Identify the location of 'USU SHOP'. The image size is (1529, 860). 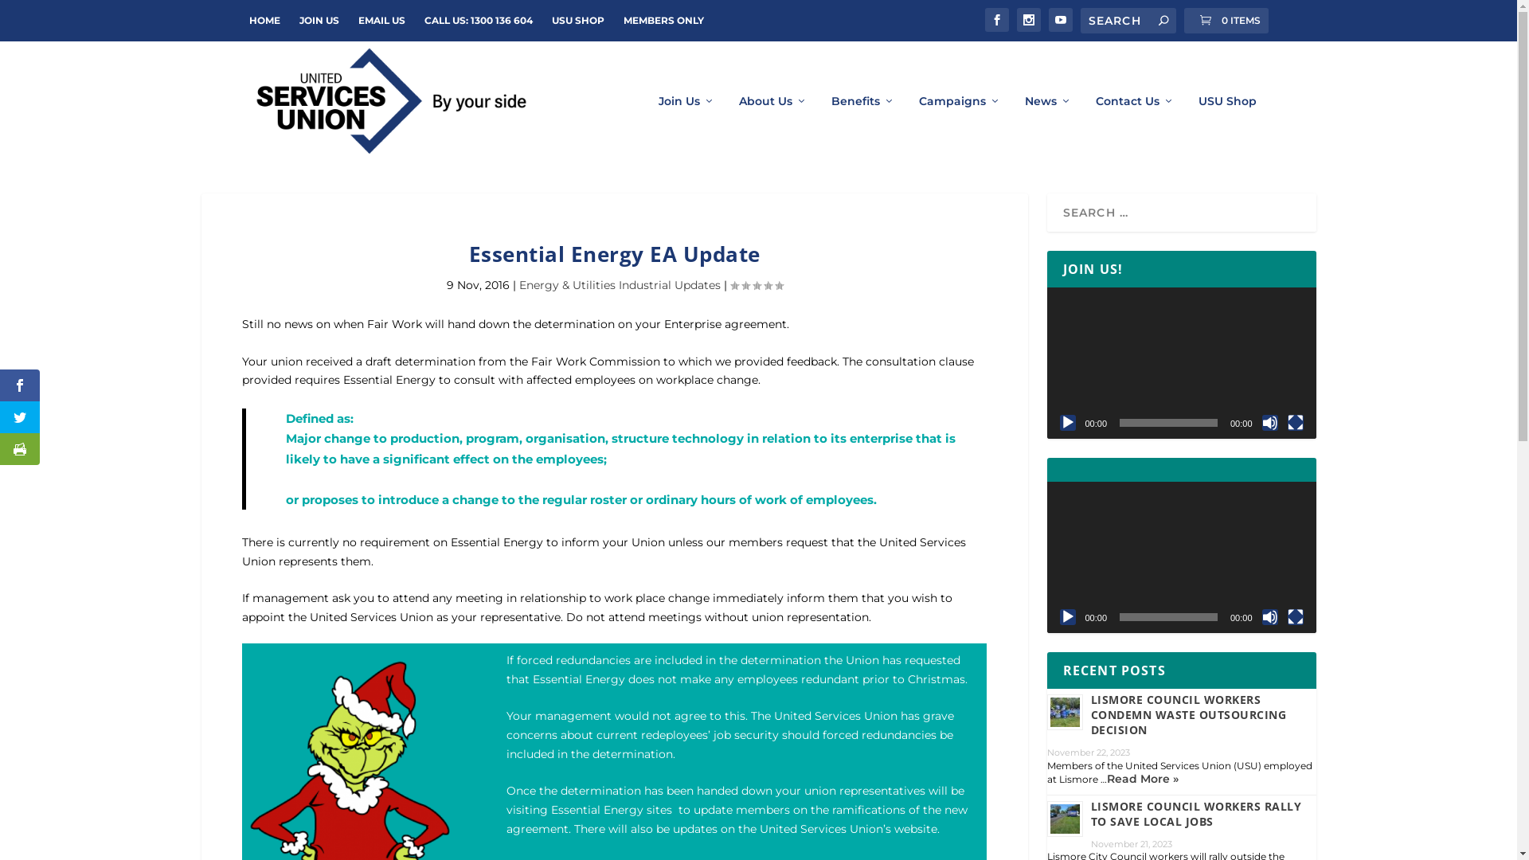
(576, 21).